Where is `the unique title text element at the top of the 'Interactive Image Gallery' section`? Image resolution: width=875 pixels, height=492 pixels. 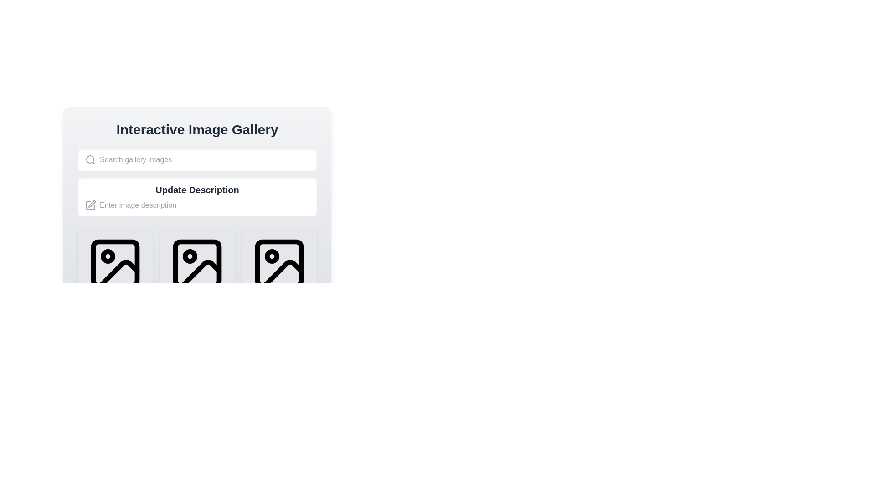 the unique title text element at the top of the 'Interactive Image Gallery' section is located at coordinates (196, 130).